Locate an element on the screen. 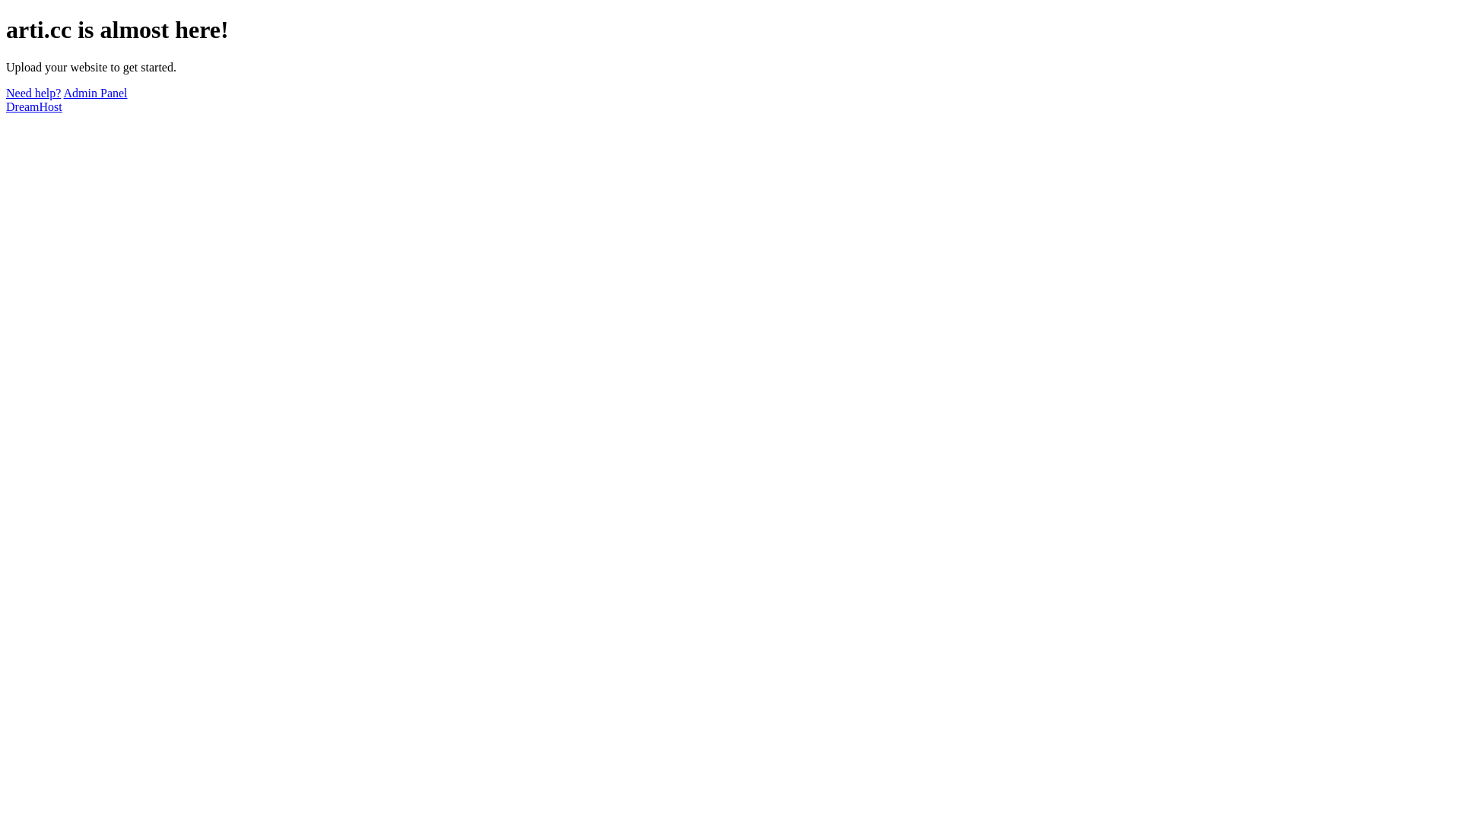 This screenshot has width=1460, height=821. 'DreamHost' is located at coordinates (6, 106).